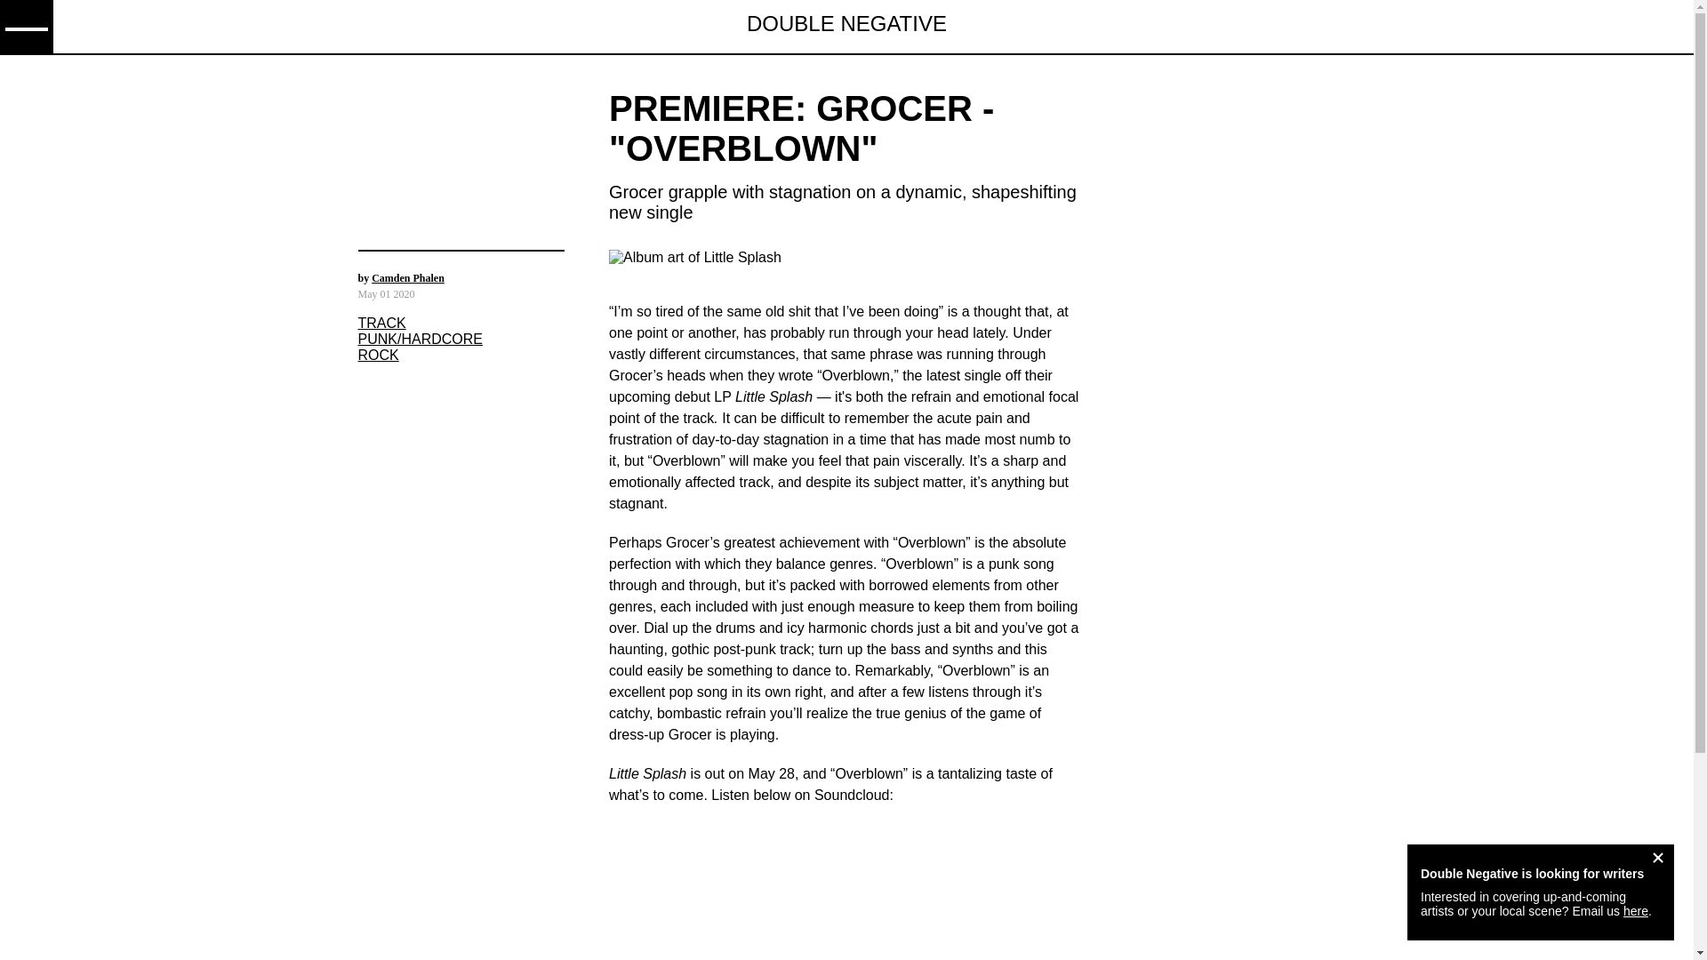 The height and width of the screenshot is (960, 1707). What do you see at coordinates (370, 277) in the screenshot?
I see `'Camden Phalen'` at bounding box center [370, 277].